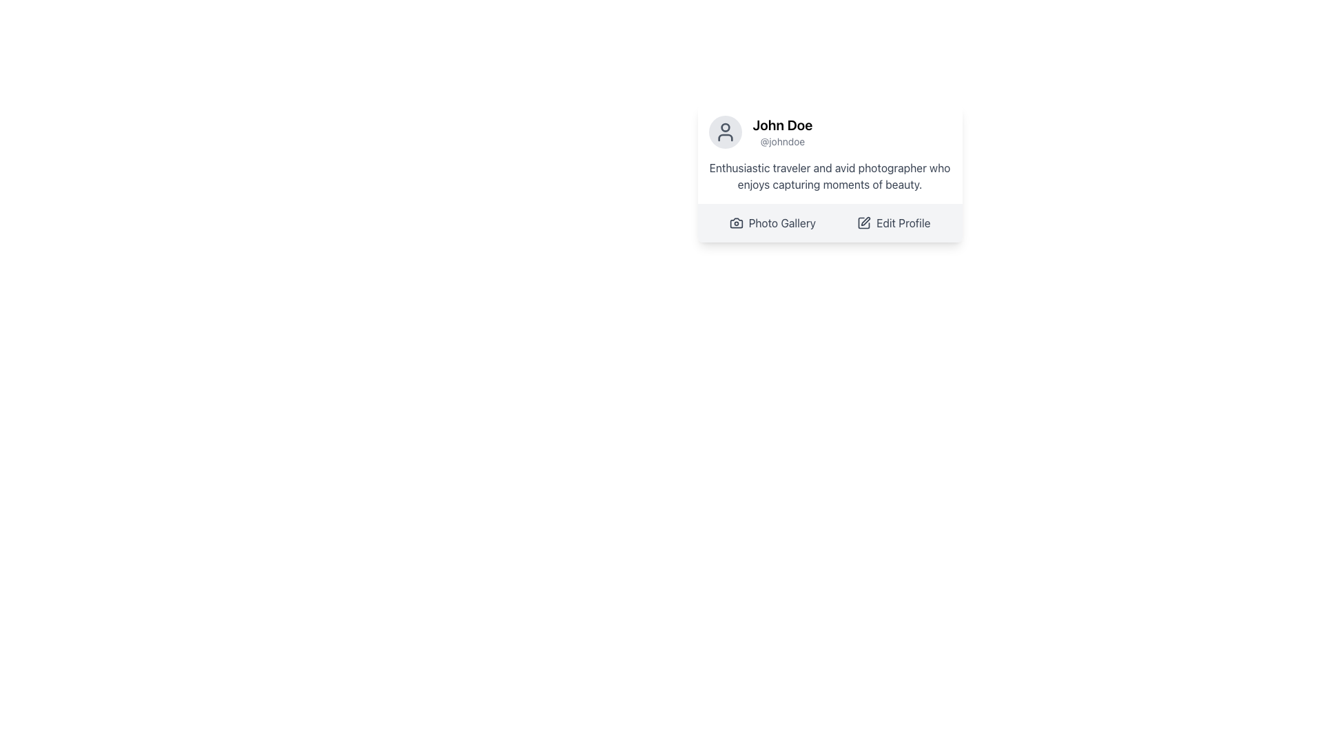  What do you see at coordinates (735, 223) in the screenshot?
I see `the gray camera icon with a clear round lens located to the left of the 'Photo Gallery' text` at bounding box center [735, 223].